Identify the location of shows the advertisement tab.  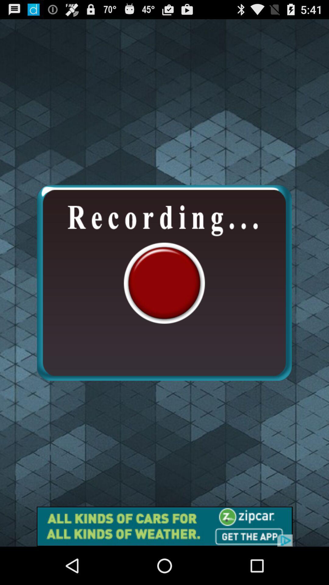
(164, 526).